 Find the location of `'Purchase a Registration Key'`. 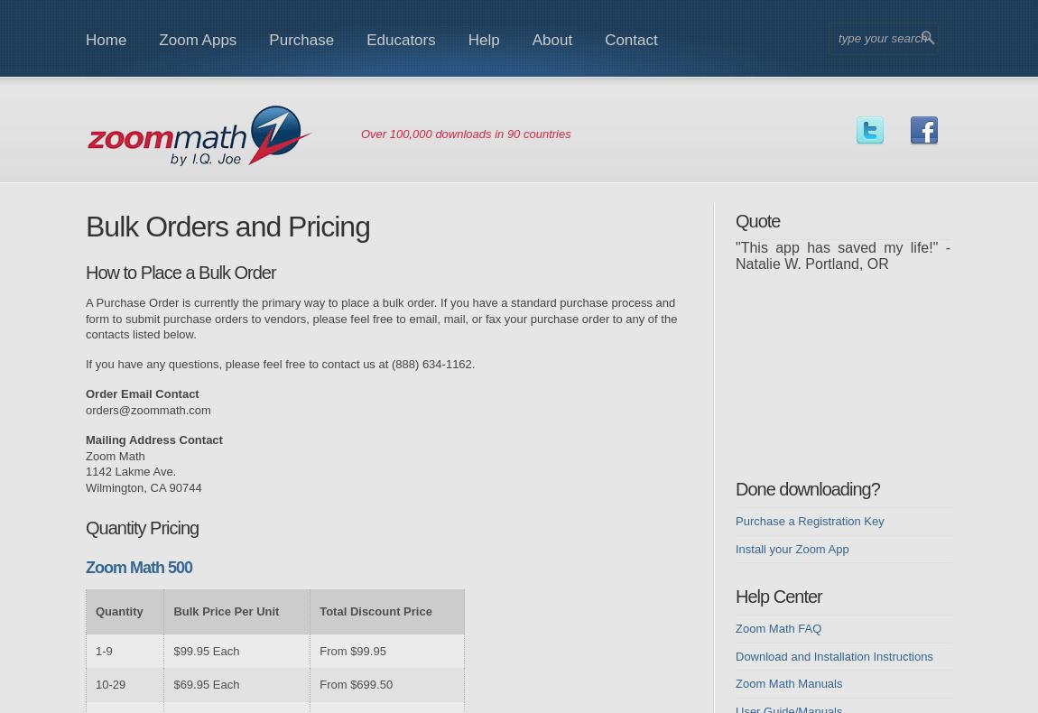

'Purchase a Registration Key' is located at coordinates (810, 520).